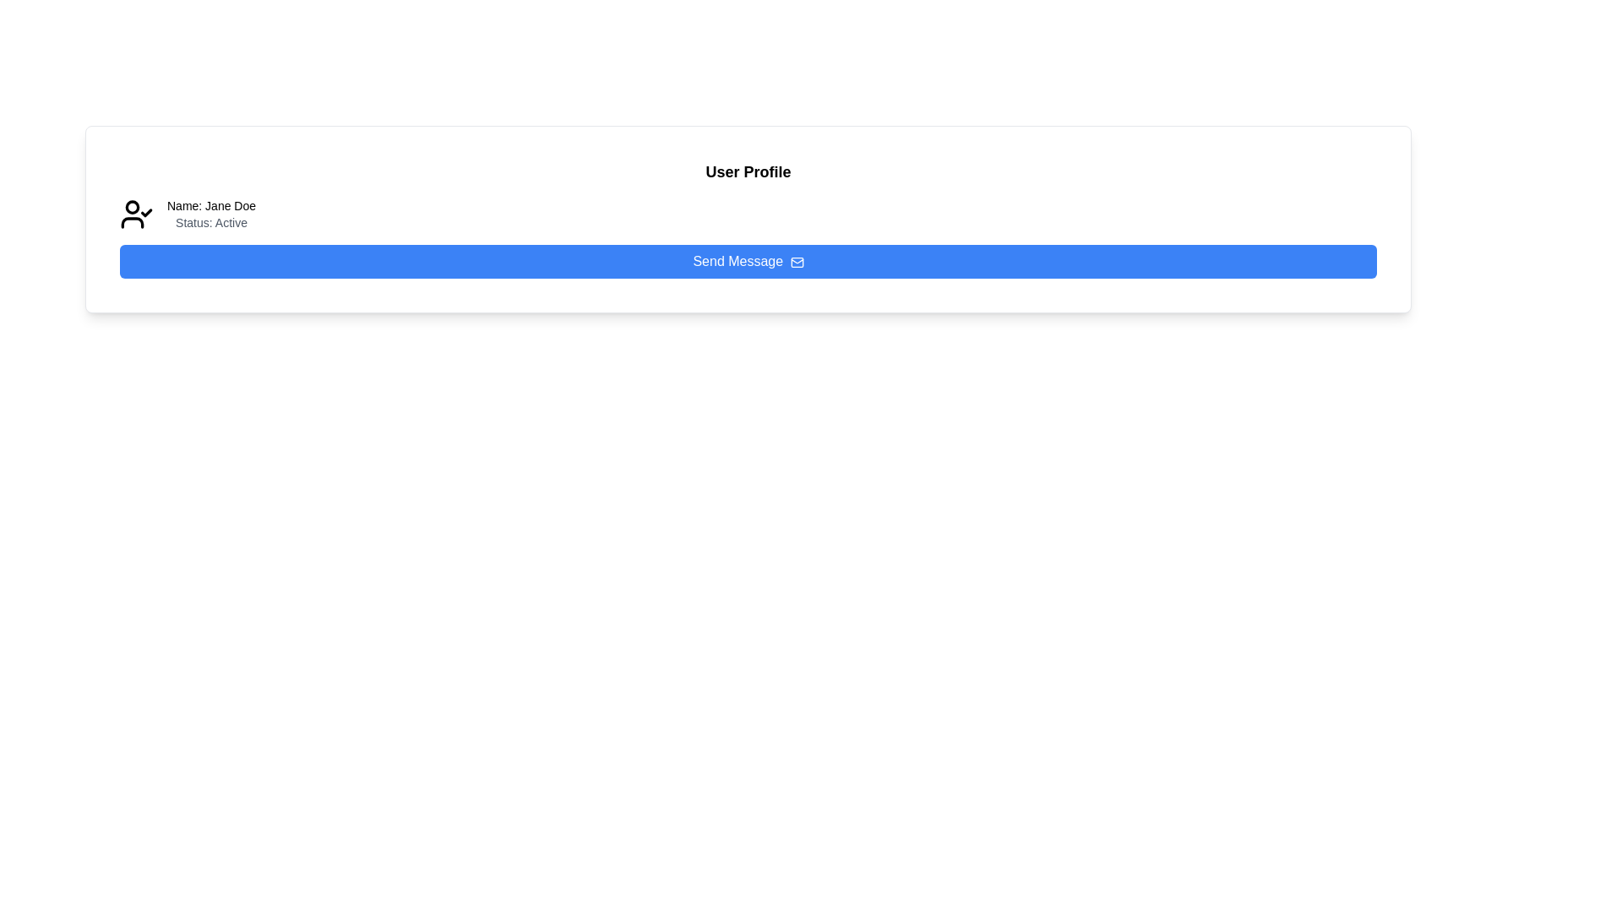  What do you see at coordinates (132, 221) in the screenshot?
I see `the decorative vector shape that forms the torso part of the user profile icon, located beneath the head of the icon` at bounding box center [132, 221].